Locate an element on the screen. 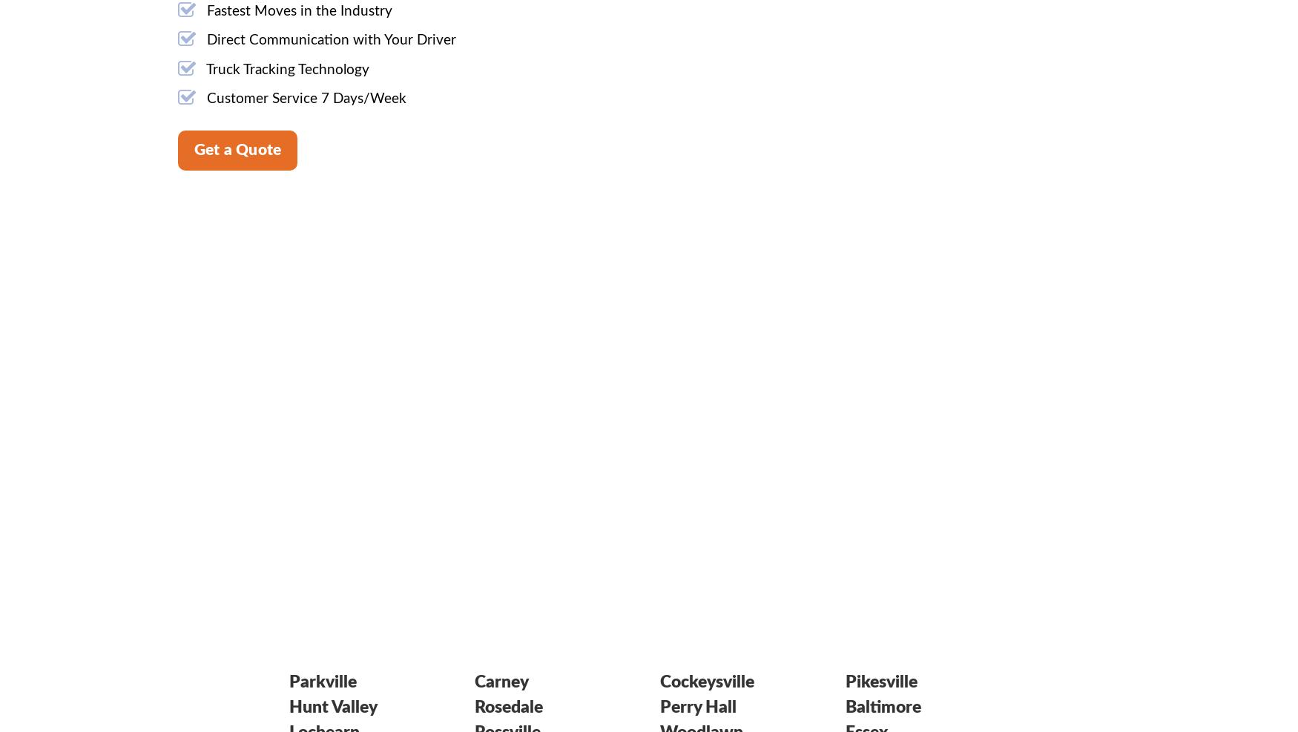 Image resolution: width=1298 pixels, height=732 pixels. 'Parkville' is located at coordinates (322, 682).